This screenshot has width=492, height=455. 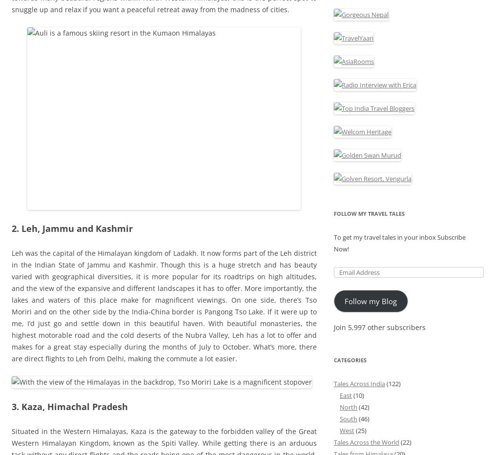 What do you see at coordinates (350, 359) in the screenshot?
I see `'Categories'` at bounding box center [350, 359].